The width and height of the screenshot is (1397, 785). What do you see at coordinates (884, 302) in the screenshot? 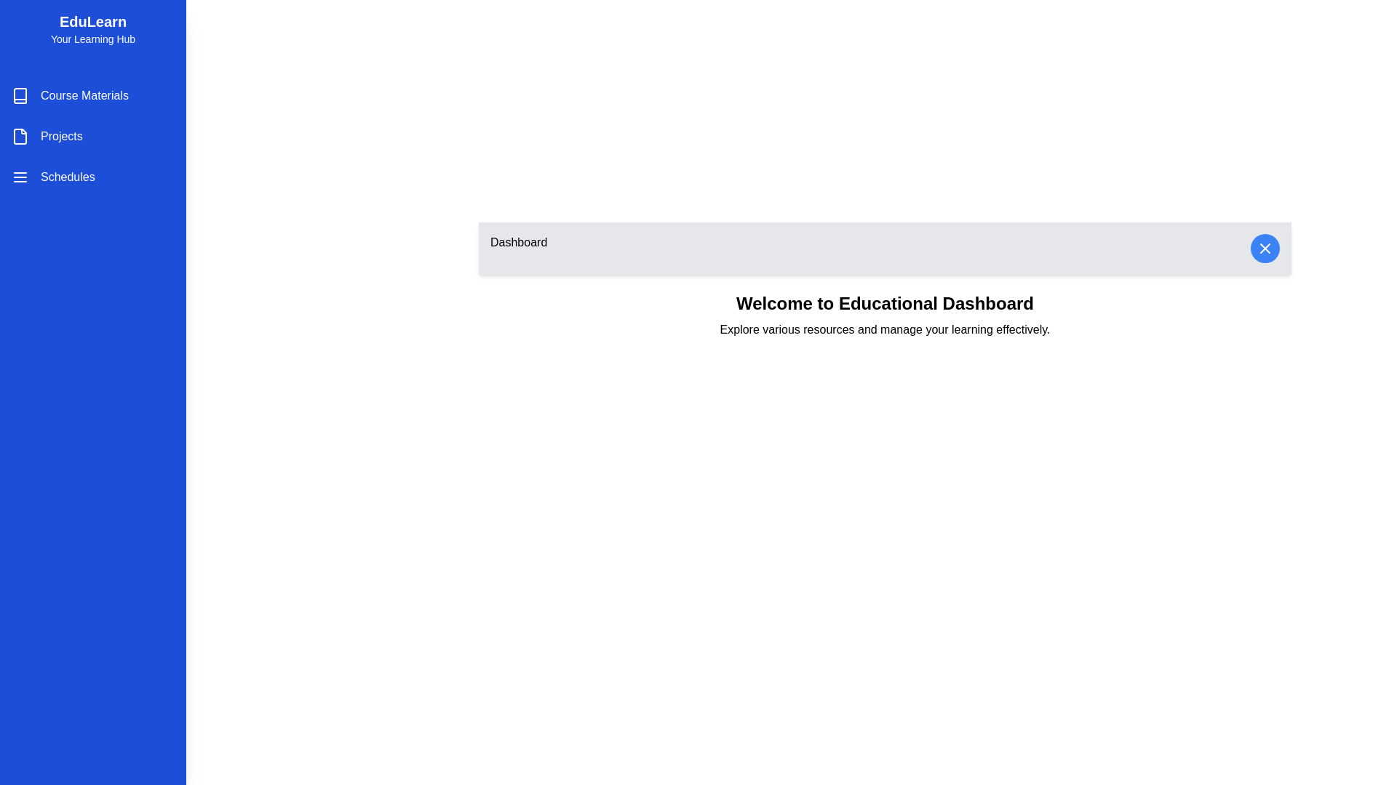
I see `welcome header text element located at the top center of the dashboard, which provides the page title` at bounding box center [884, 302].